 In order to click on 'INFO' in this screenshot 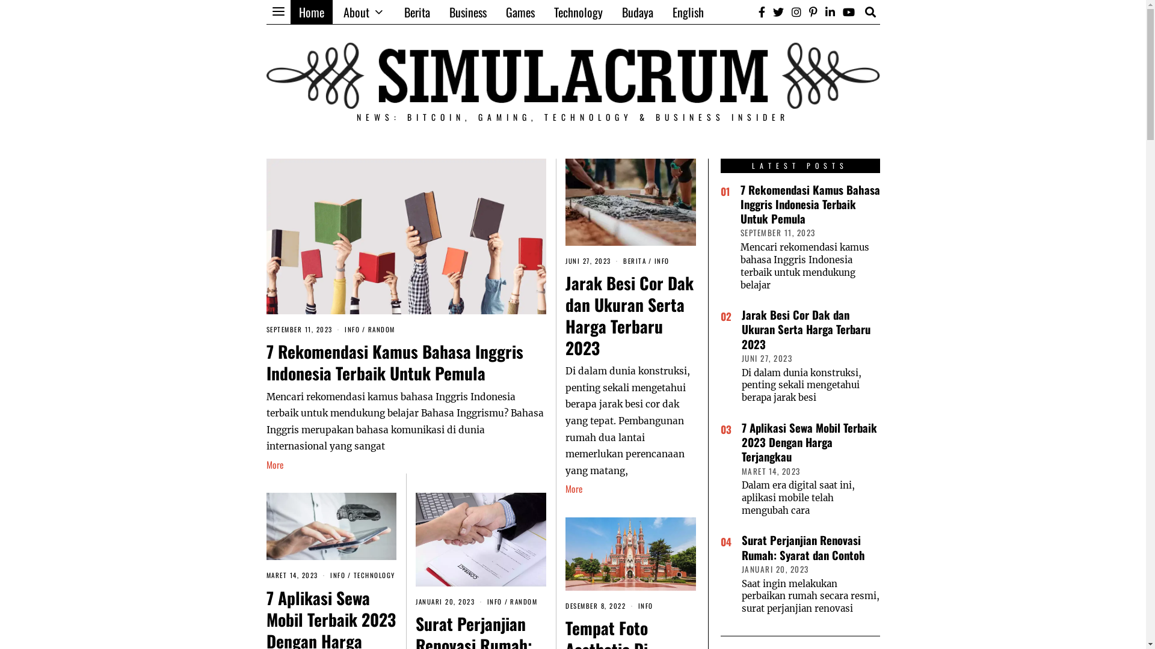, I will do `click(330, 574)`.